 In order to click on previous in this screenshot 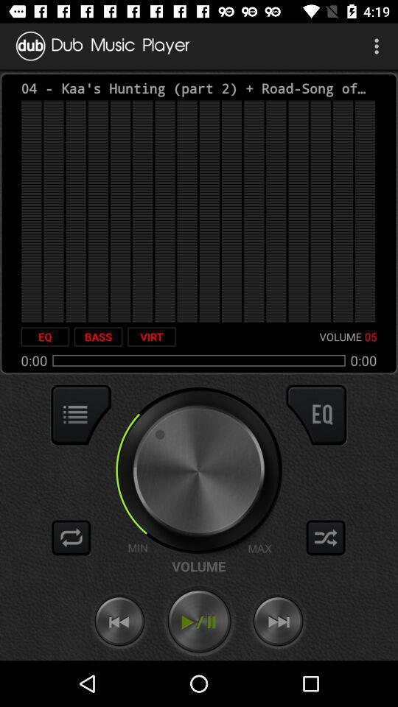, I will do `click(119, 621)`.